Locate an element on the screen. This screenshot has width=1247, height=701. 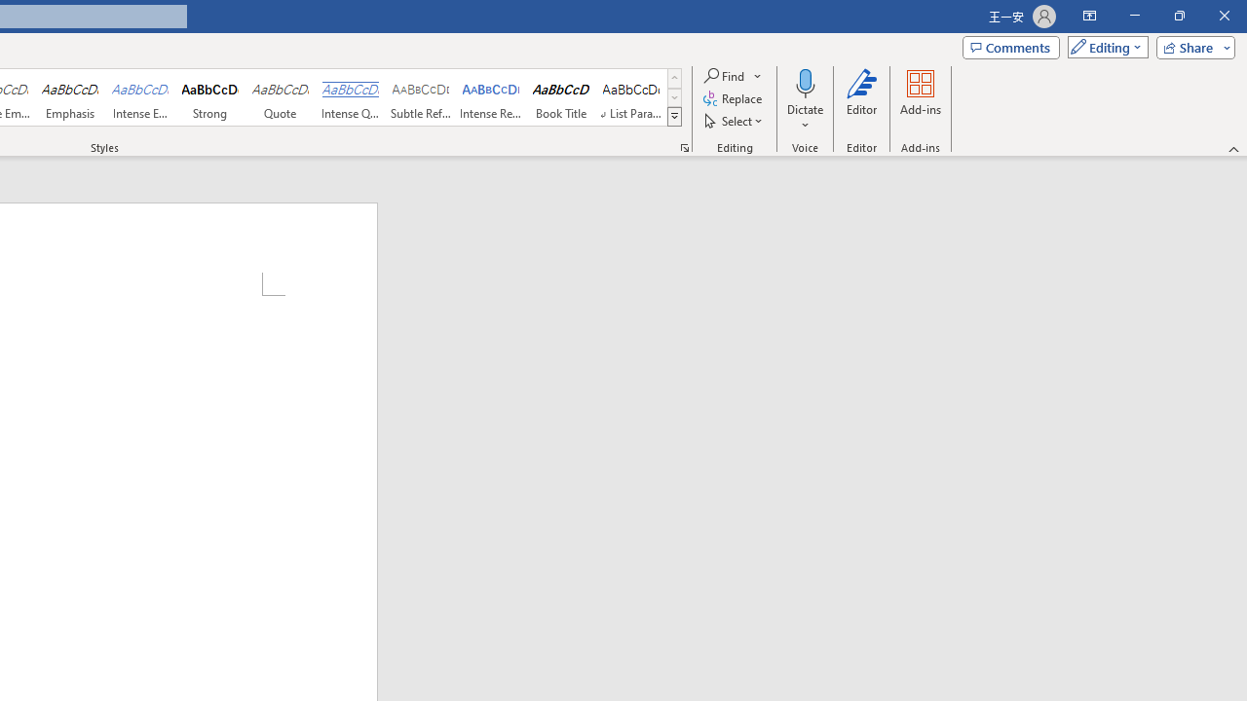
'Intense Quote' is located at coordinates (350, 97).